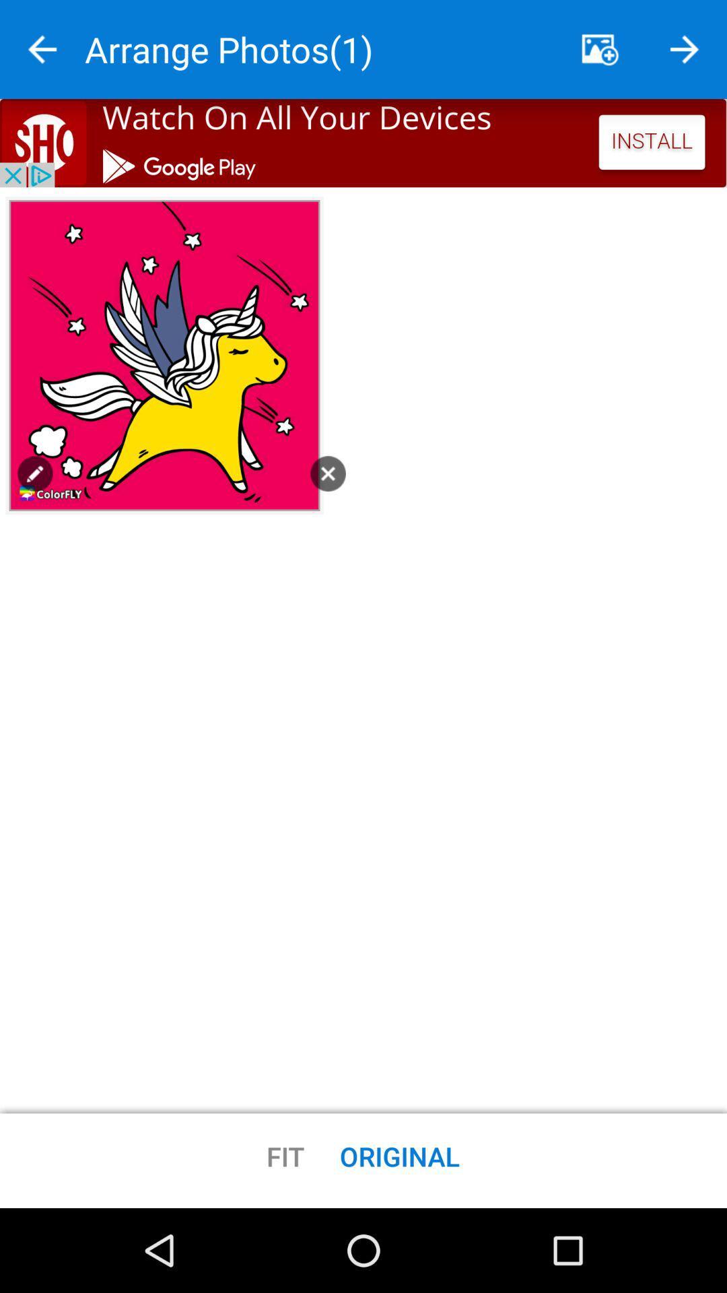 The height and width of the screenshot is (1293, 727). Describe the element at coordinates (41, 49) in the screenshot. I see `back` at that location.